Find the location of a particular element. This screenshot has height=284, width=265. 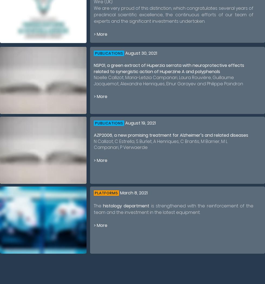

'histology department' is located at coordinates (126, 205).